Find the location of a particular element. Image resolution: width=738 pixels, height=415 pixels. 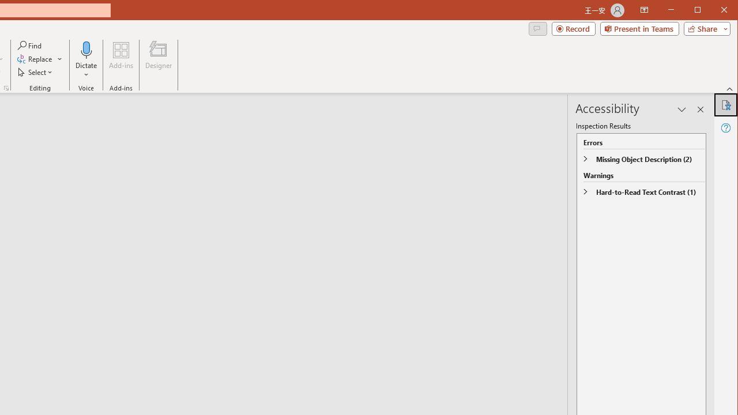

'Dictate' is located at coordinates (86, 49).